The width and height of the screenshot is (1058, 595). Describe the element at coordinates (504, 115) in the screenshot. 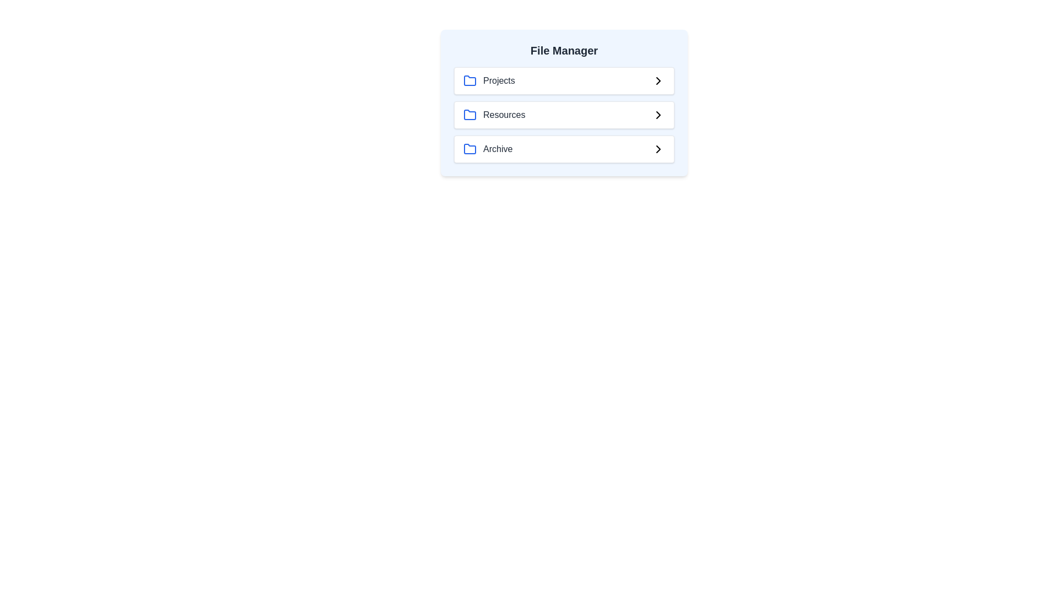

I see `text content of the 'Resources' label, which is a bold, gray text aligned to the left of a folder icon in the File Manager` at that location.